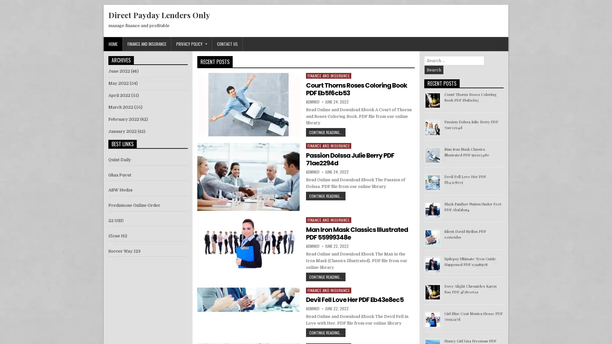  I want to click on Search, so click(433, 70).